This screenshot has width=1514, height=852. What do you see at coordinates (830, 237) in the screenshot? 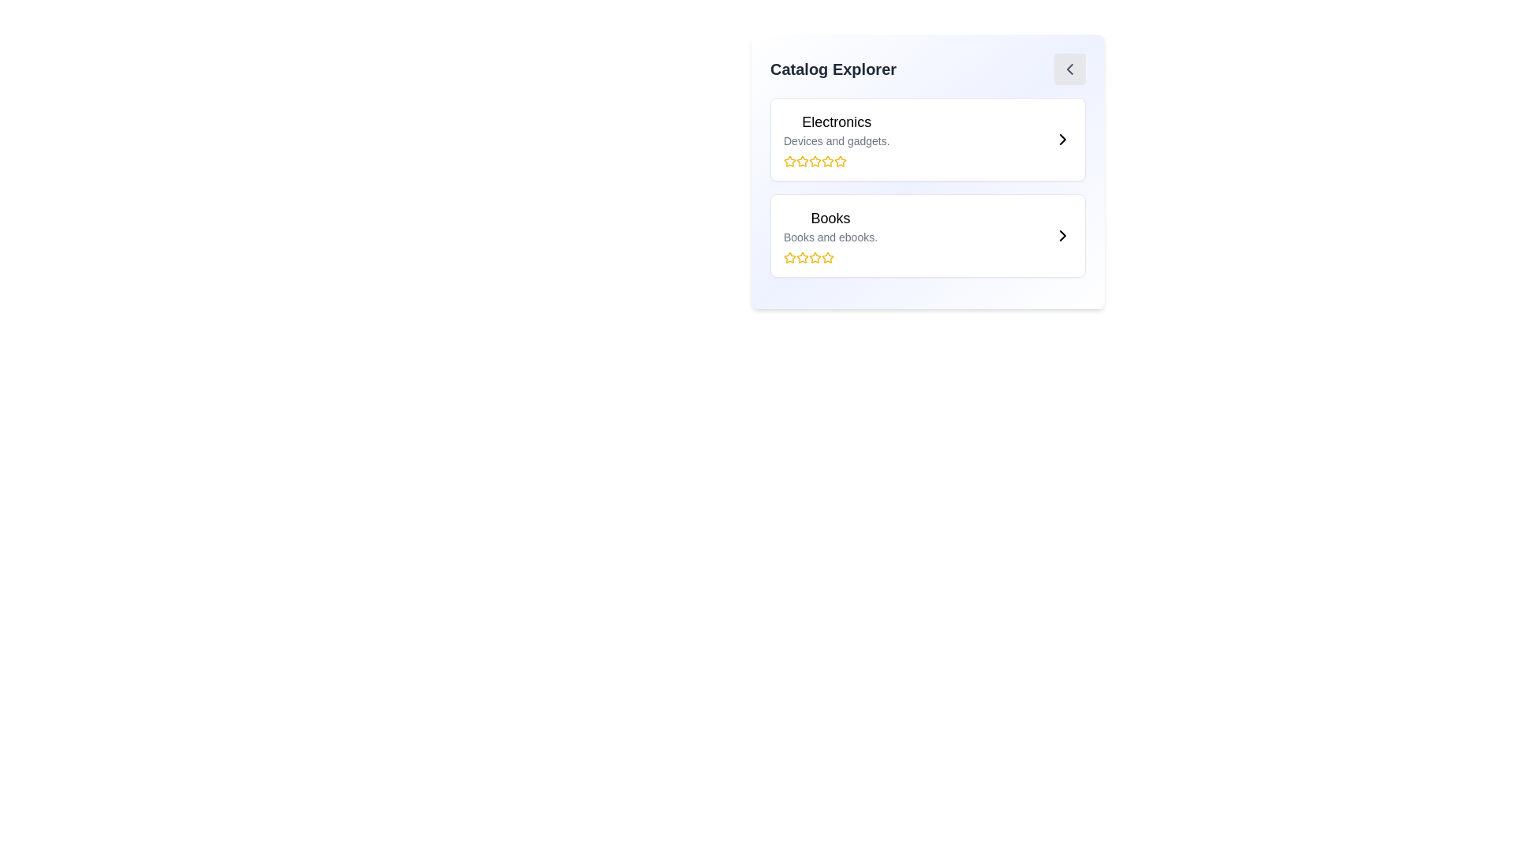
I see `the text label providing a brief description about the 'Books' category, located within the second card of the 'Catalog Explorer' section, below the title 'Books'` at bounding box center [830, 237].